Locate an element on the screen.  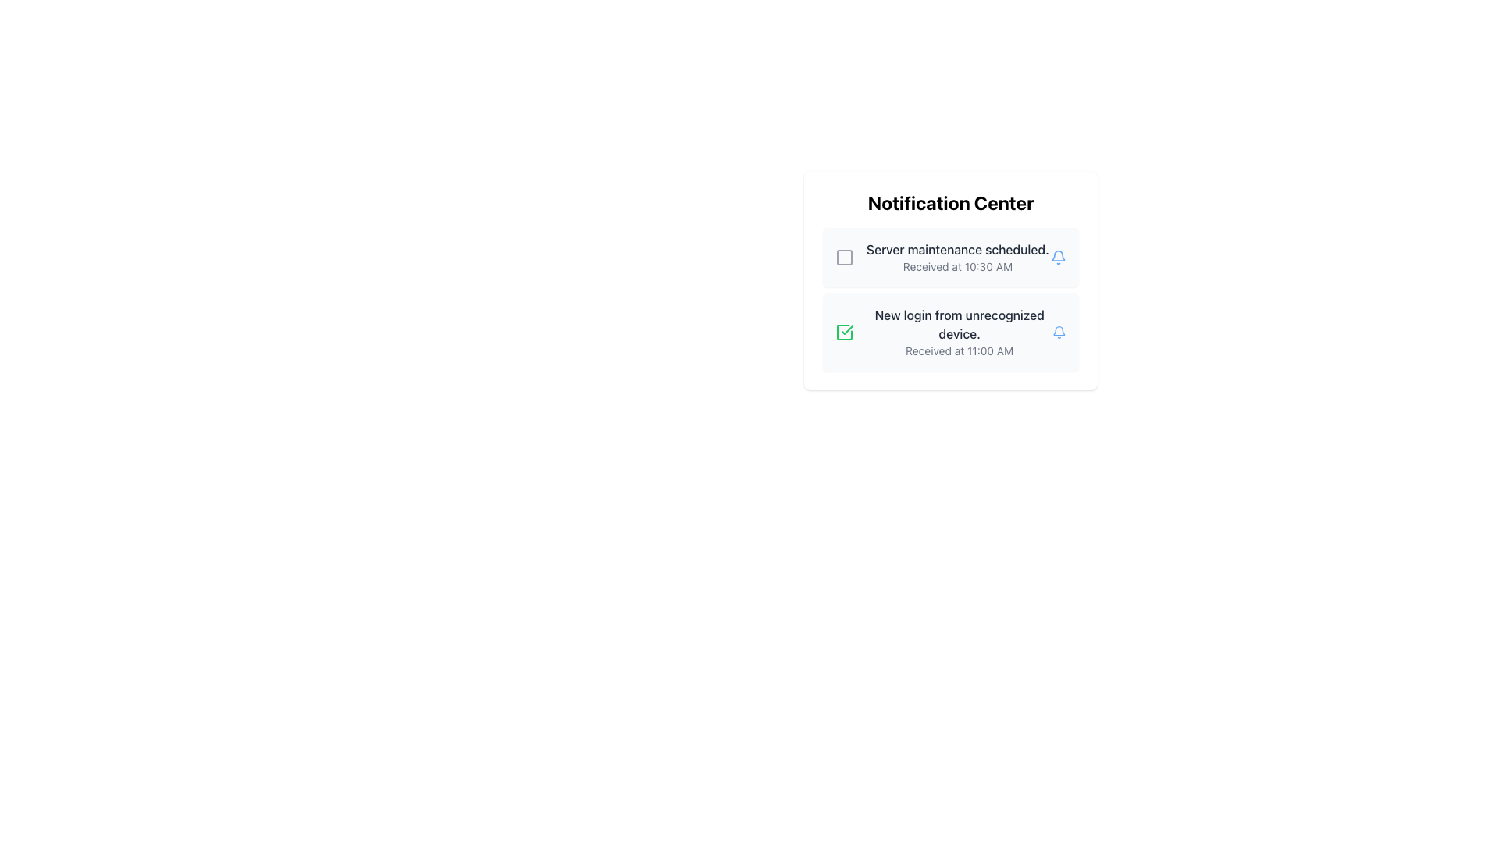
the static text displaying 'Received at 10:30 AM.' which is located below the bold text 'Server maintenance scheduled.' within the notification card is located at coordinates (956, 266).